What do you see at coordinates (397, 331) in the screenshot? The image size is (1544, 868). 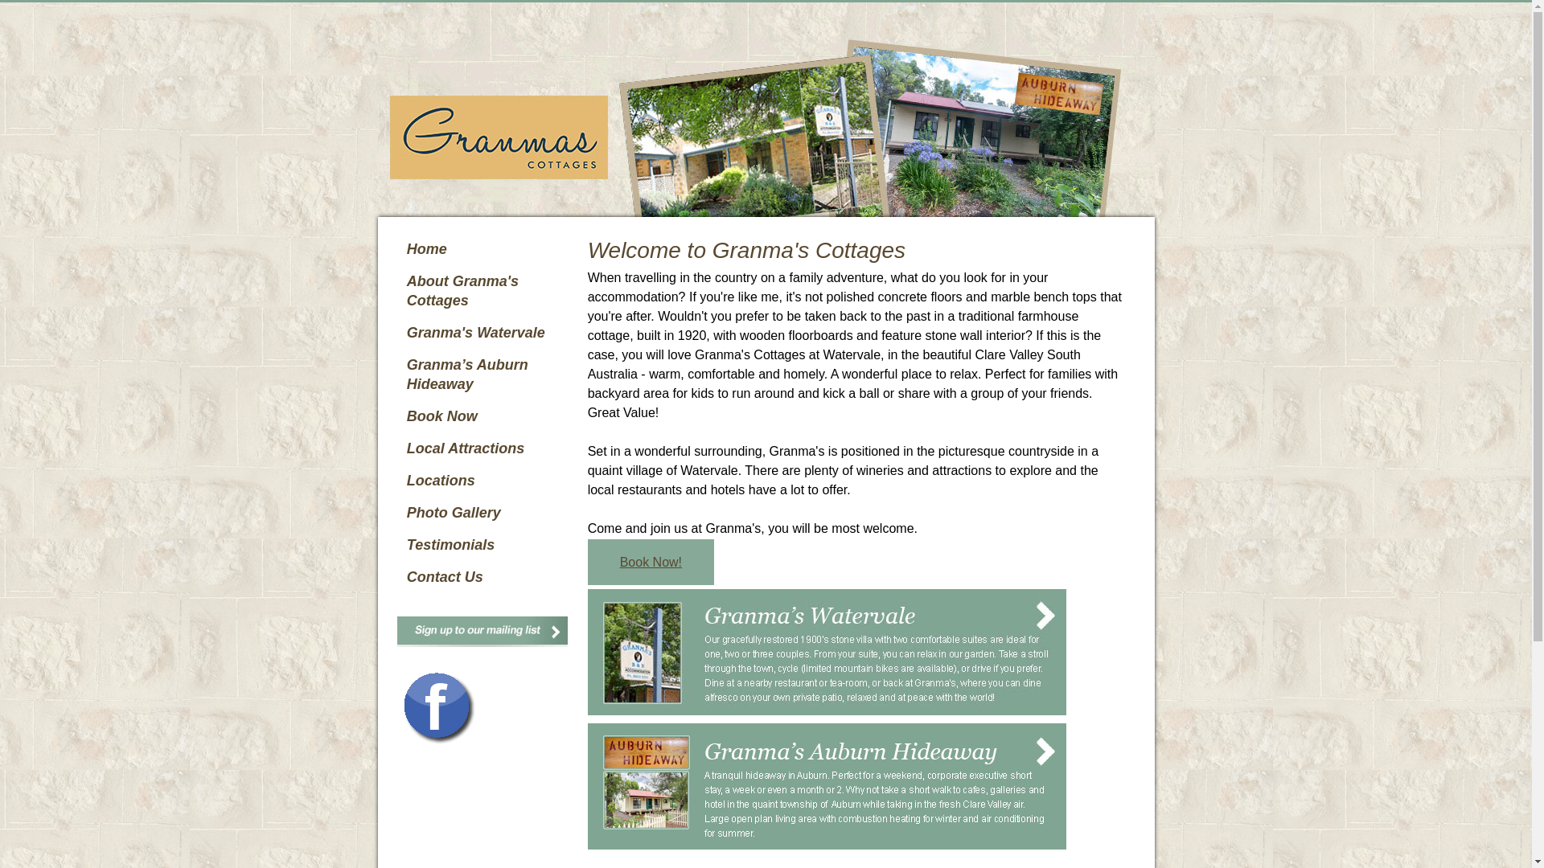 I see `'Granma's Watervale'` at bounding box center [397, 331].